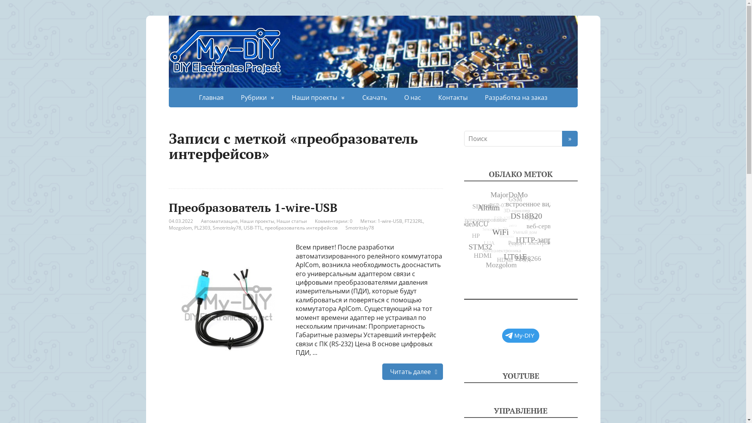  What do you see at coordinates (179, 228) in the screenshot?
I see `'Mozgolom'` at bounding box center [179, 228].